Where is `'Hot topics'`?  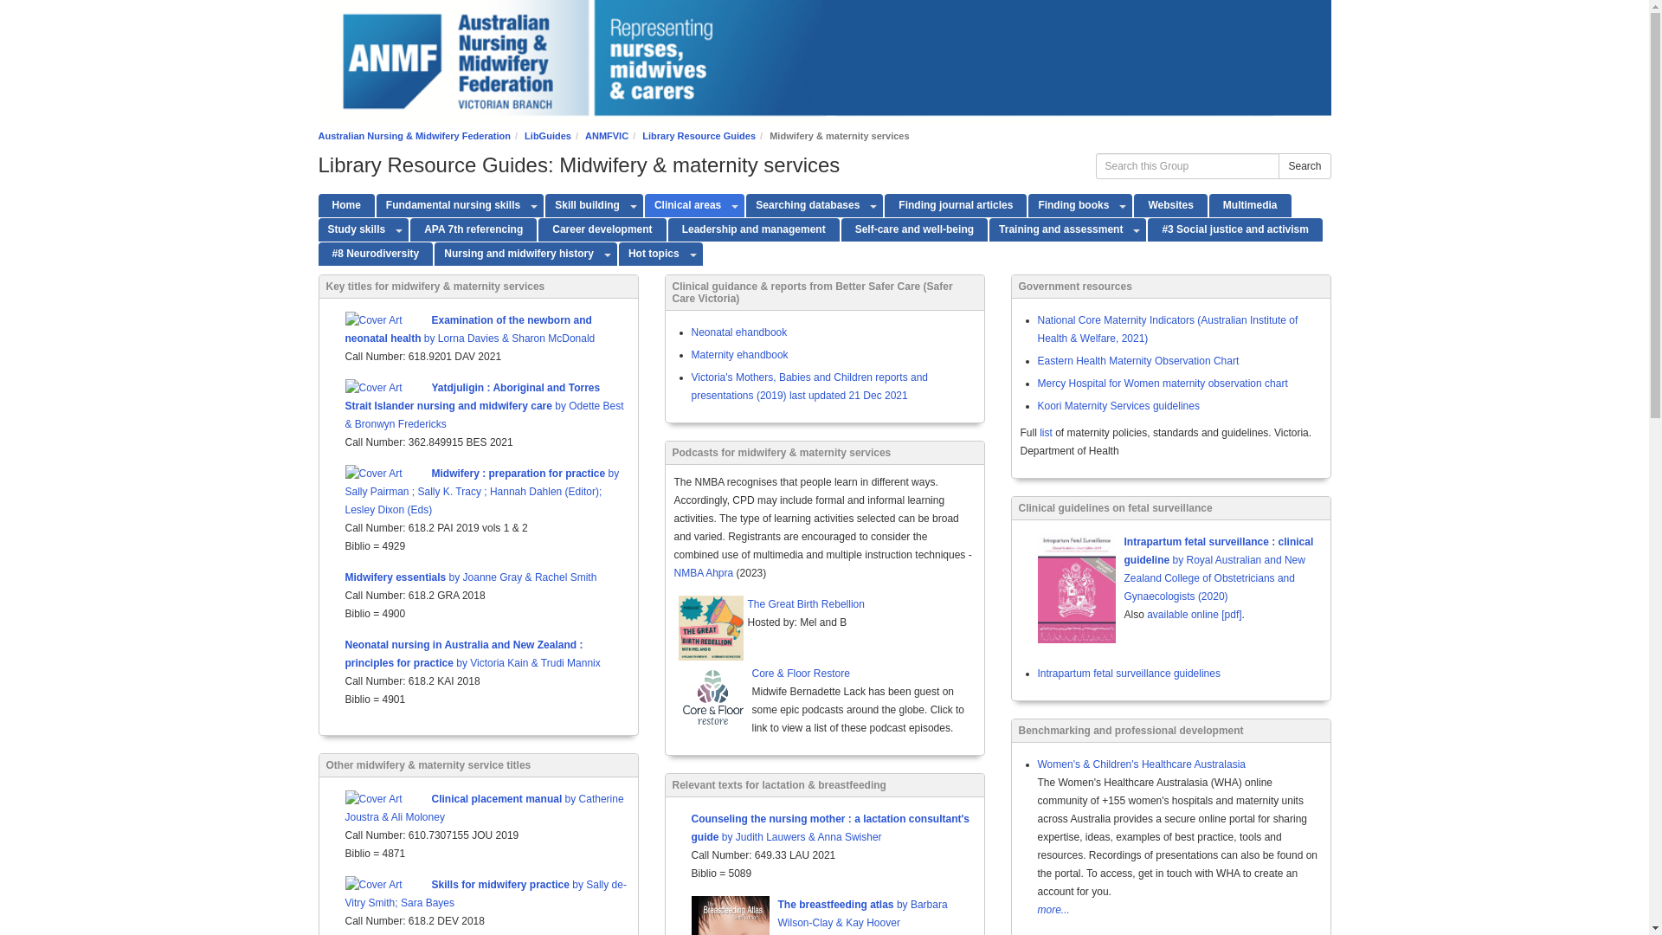
'Hot topics' is located at coordinates (651, 254).